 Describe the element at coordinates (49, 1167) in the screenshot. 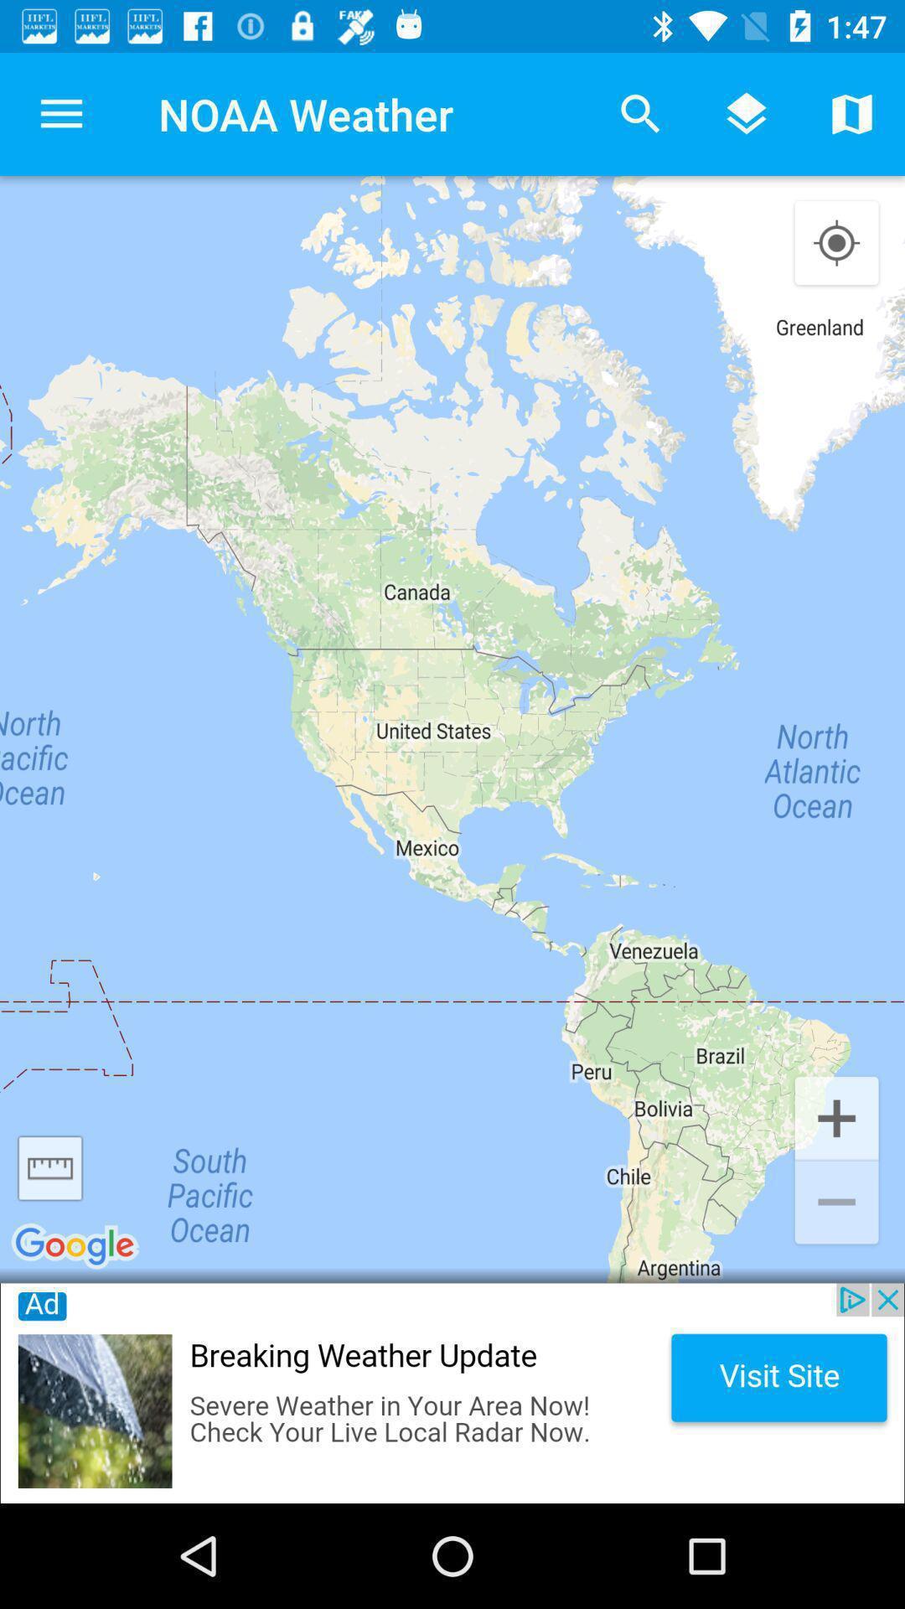

I see `change page scale` at that location.